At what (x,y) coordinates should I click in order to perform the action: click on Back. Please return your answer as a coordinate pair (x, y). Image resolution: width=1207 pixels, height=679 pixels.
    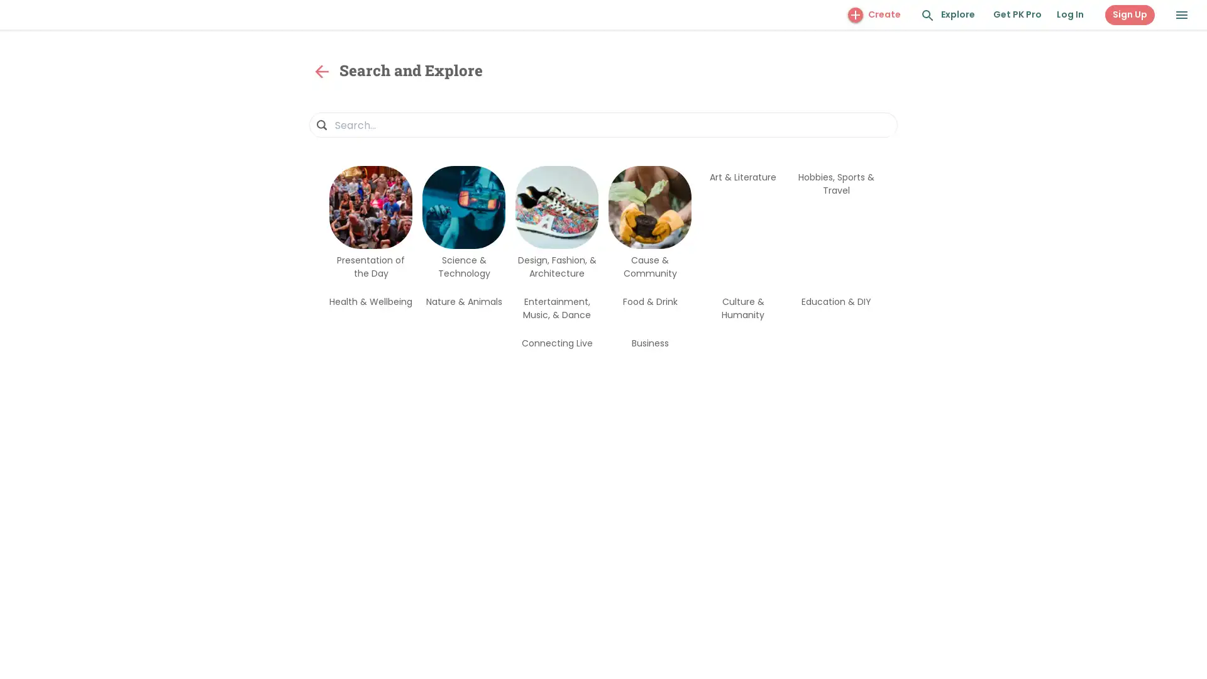
    Looking at the image, I should click on (322, 72).